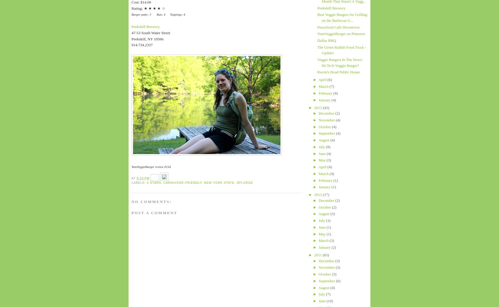 This screenshot has height=307, width=499. What do you see at coordinates (338, 72) in the screenshot?
I see `'Raven's Head Public House'` at bounding box center [338, 72].